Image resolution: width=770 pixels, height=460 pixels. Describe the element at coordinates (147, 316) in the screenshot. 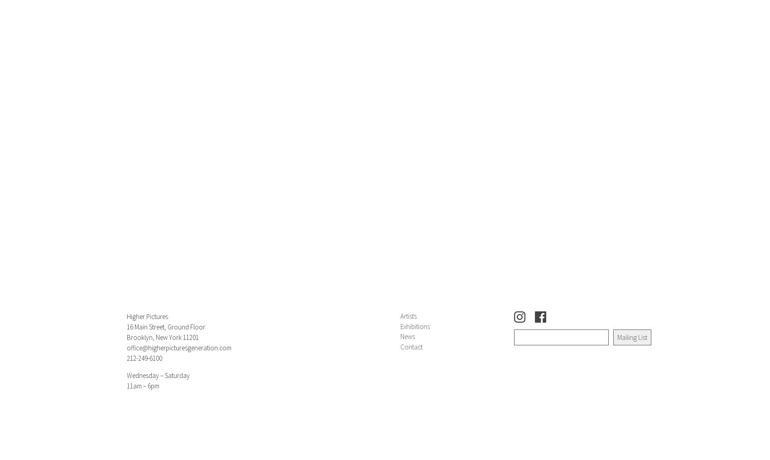

I see `'Higher Pictures'` at that location.